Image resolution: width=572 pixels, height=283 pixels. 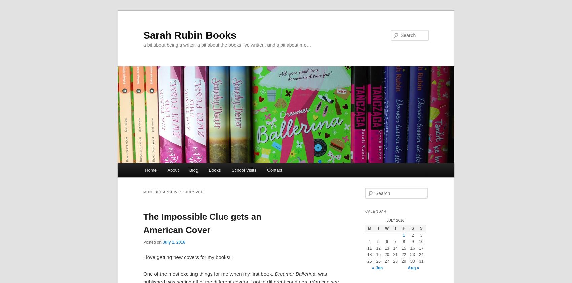 I want to click on '10', so click(x=421, y=241).